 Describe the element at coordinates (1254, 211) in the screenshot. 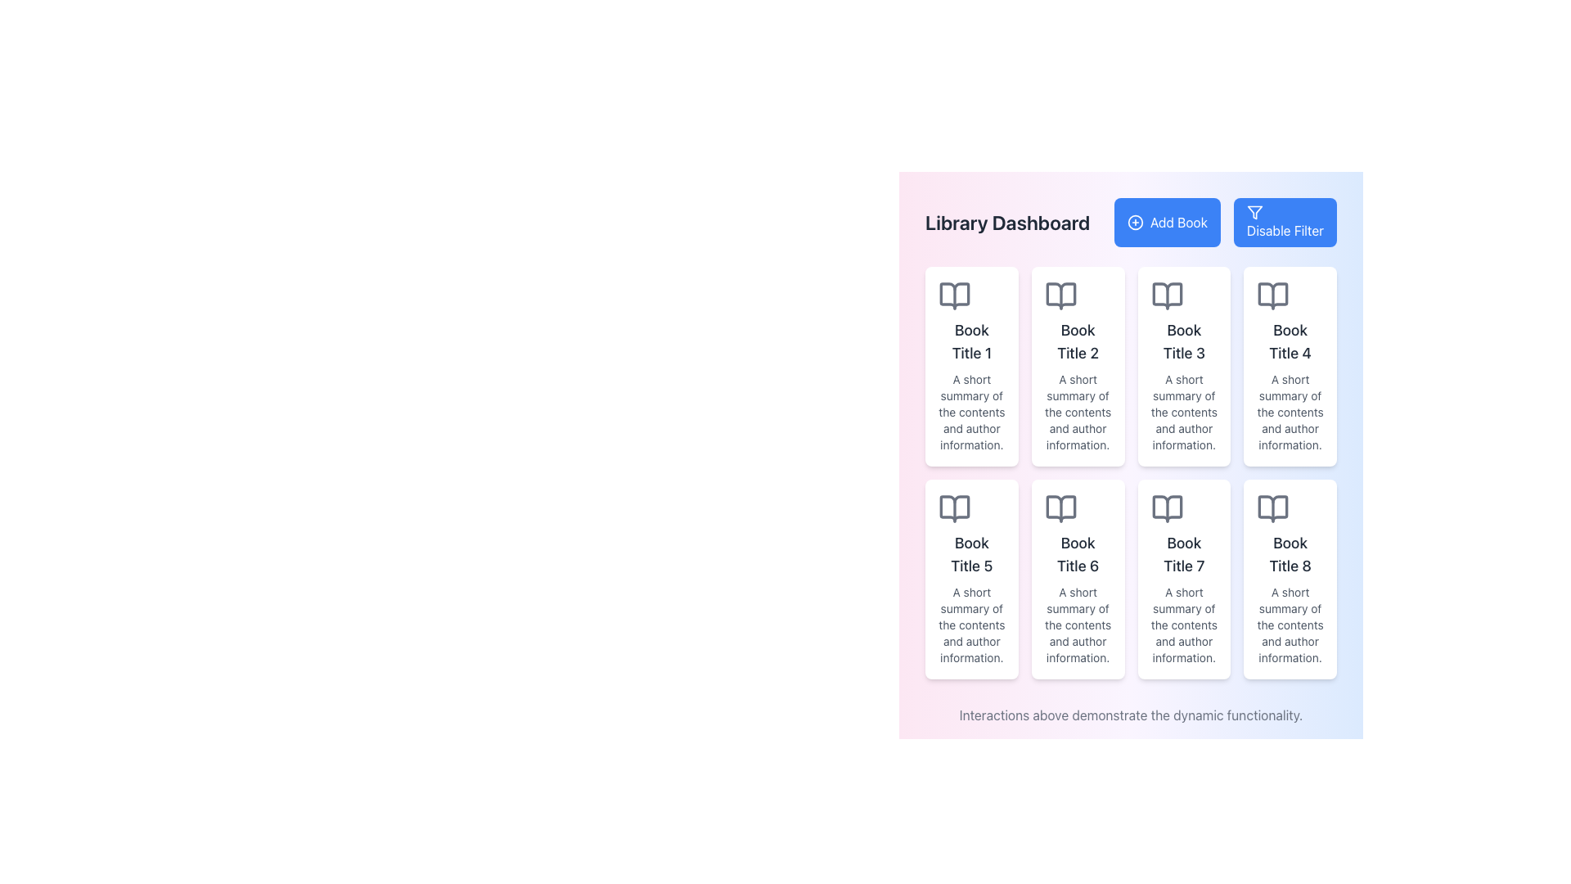

I see `the 'Disable Filter' button, which contains a filter icon on the left and is located at the top-right section of the interface` at that location.